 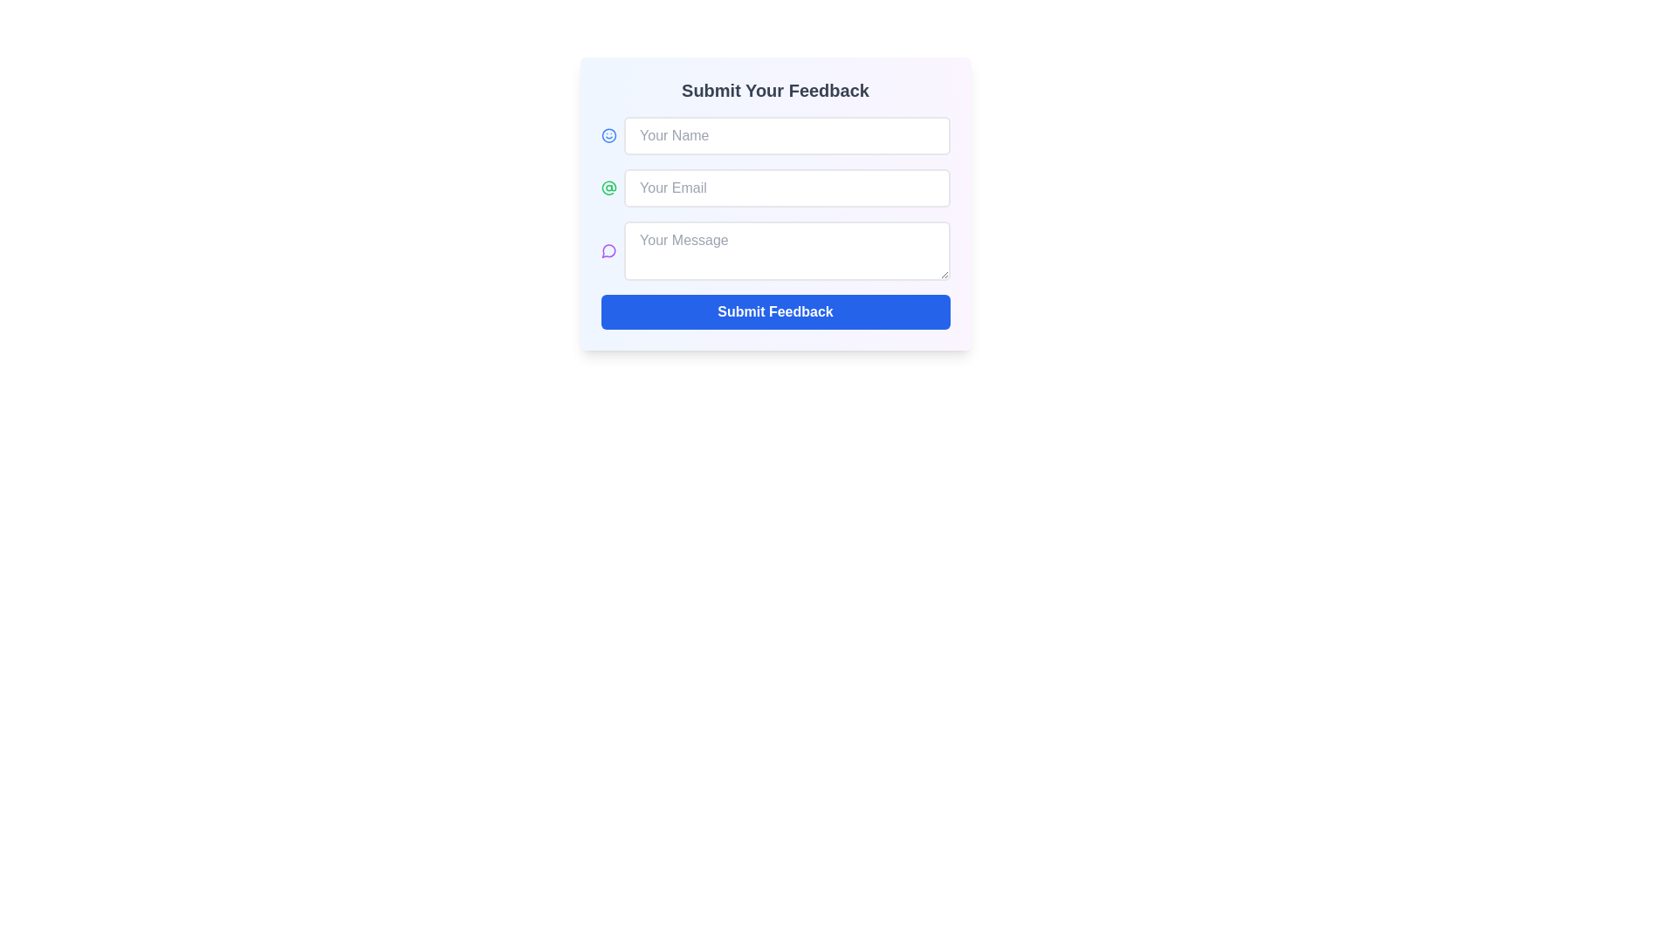 What do you see at coordinates (608, 134) in the screenshot?
I see `the smiling face icon styled with blue color, which is located to the left of the 'Your Name' text input field in the feedback form` at bounding box center [608, 134].